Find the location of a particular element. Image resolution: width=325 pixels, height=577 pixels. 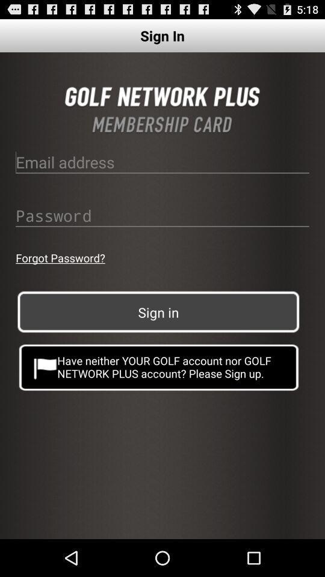

button above the sign in button is located at coordinates (60, 258).